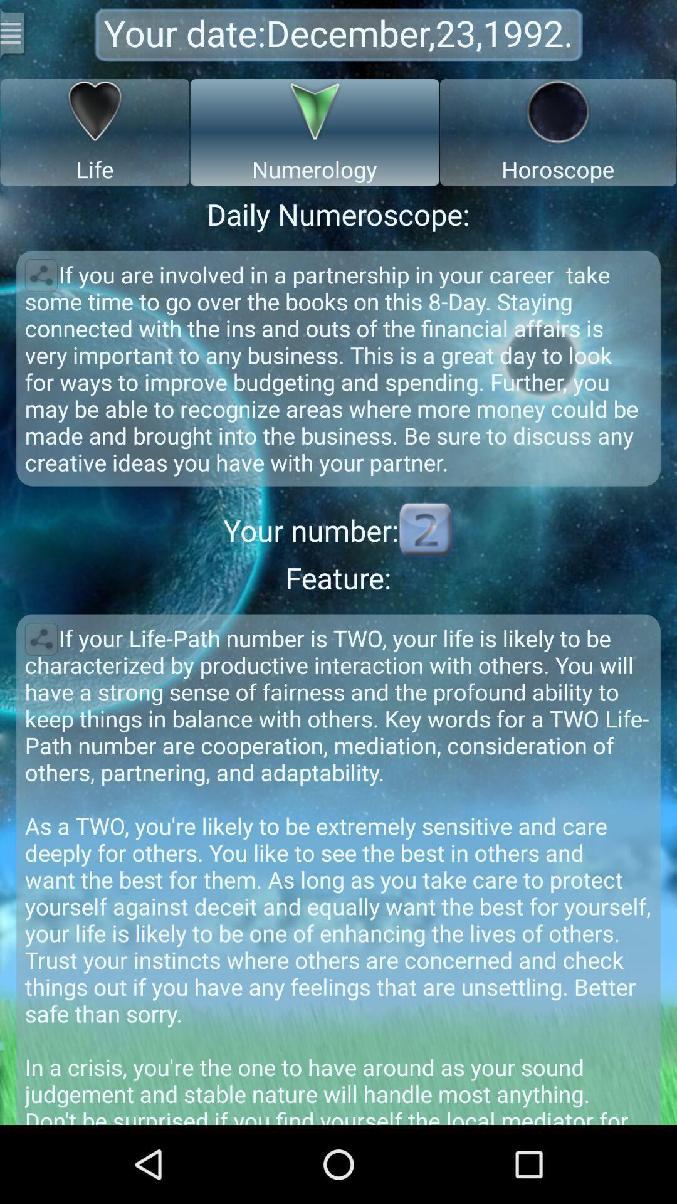  I want to click on share, so click(40, 639).